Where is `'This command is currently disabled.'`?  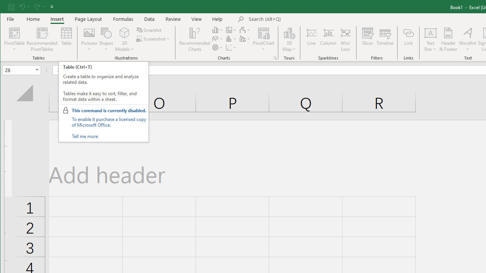 'This command is currently disabled.' is located at coordinates (108, 110).